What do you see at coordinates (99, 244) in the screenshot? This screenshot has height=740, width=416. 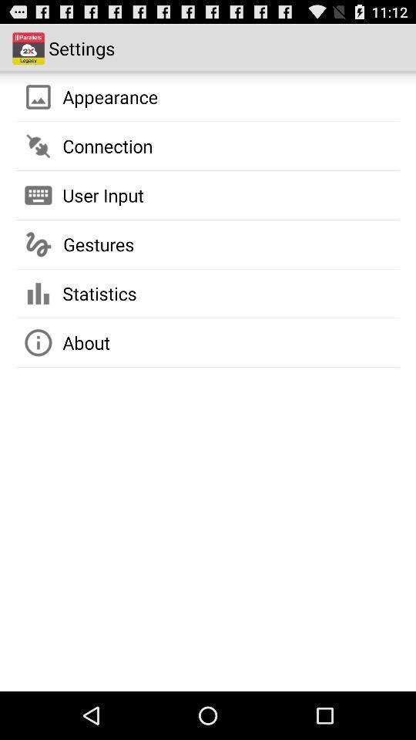 I see `the item above the statistics icon` at bounding box center [99, 244].